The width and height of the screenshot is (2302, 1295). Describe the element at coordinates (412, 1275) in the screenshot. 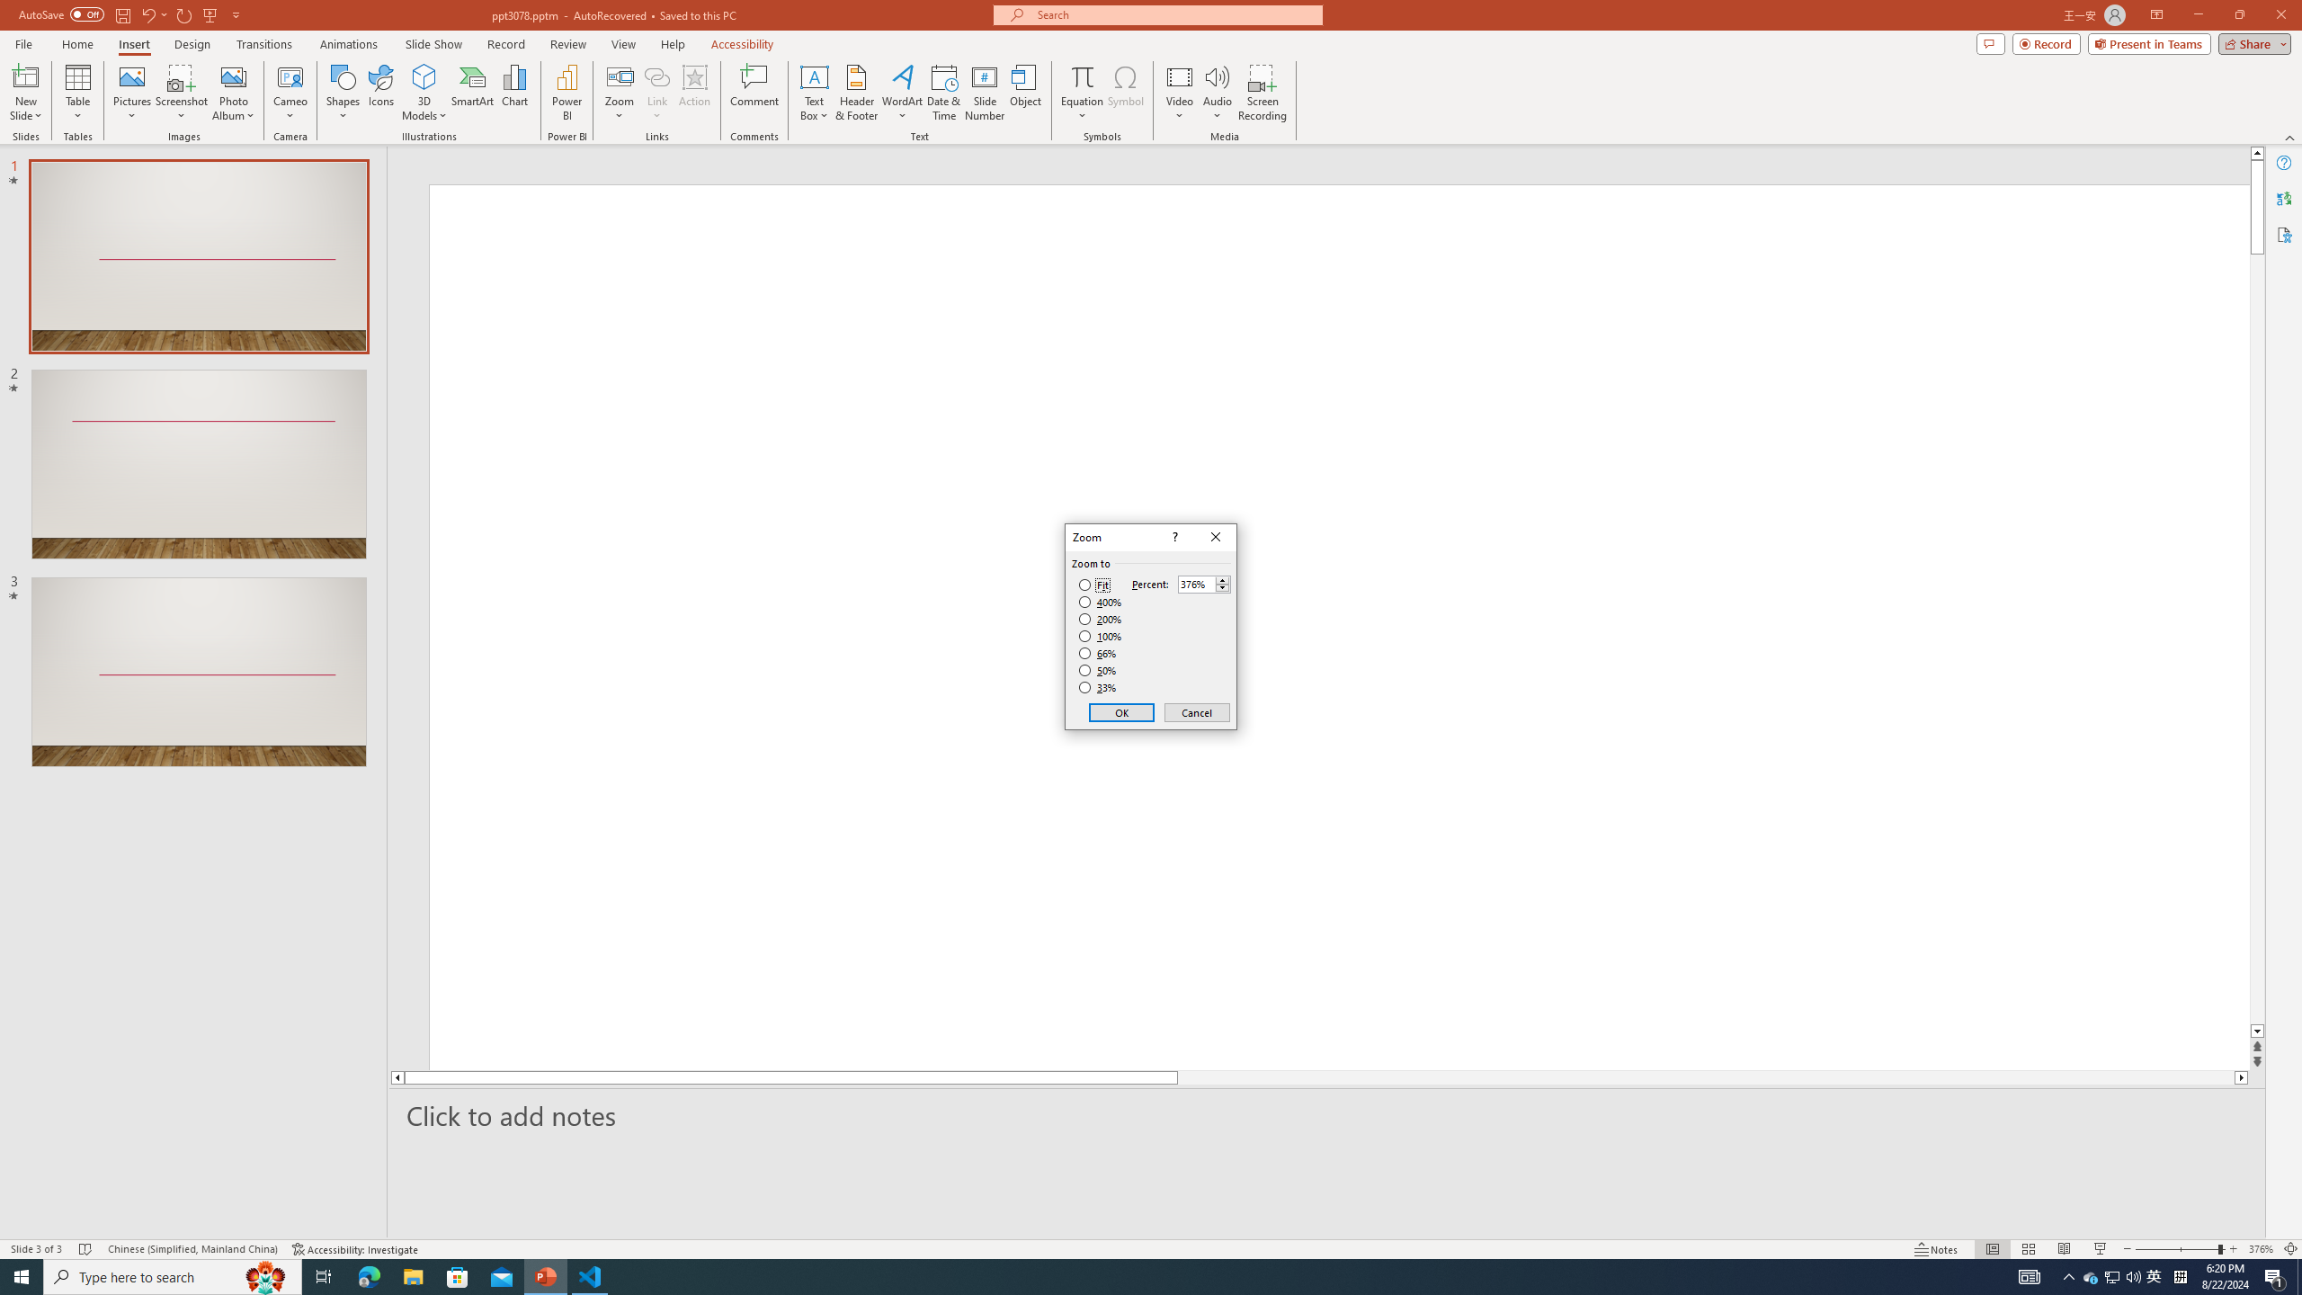

I see `'File Explorer'` at that location.